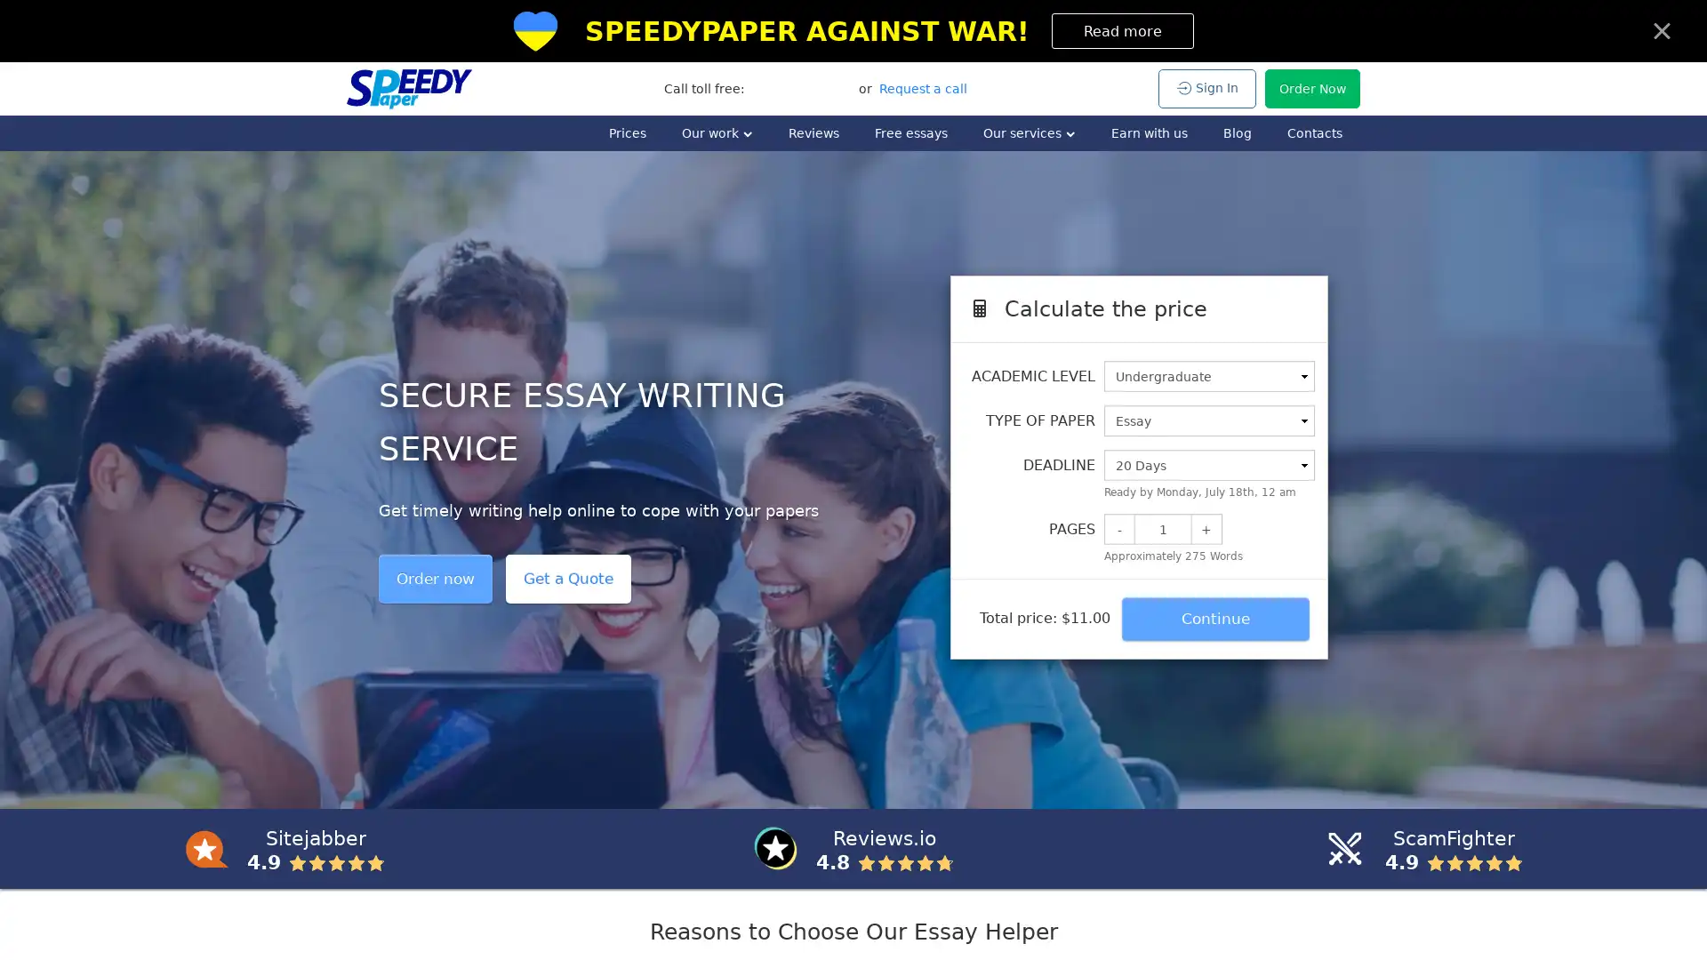 This screenshot has width=1707, height=960. What do you see at coordinates (1118, 528) in the screenshot?
I see `-` at bounding box center [1118, 528].